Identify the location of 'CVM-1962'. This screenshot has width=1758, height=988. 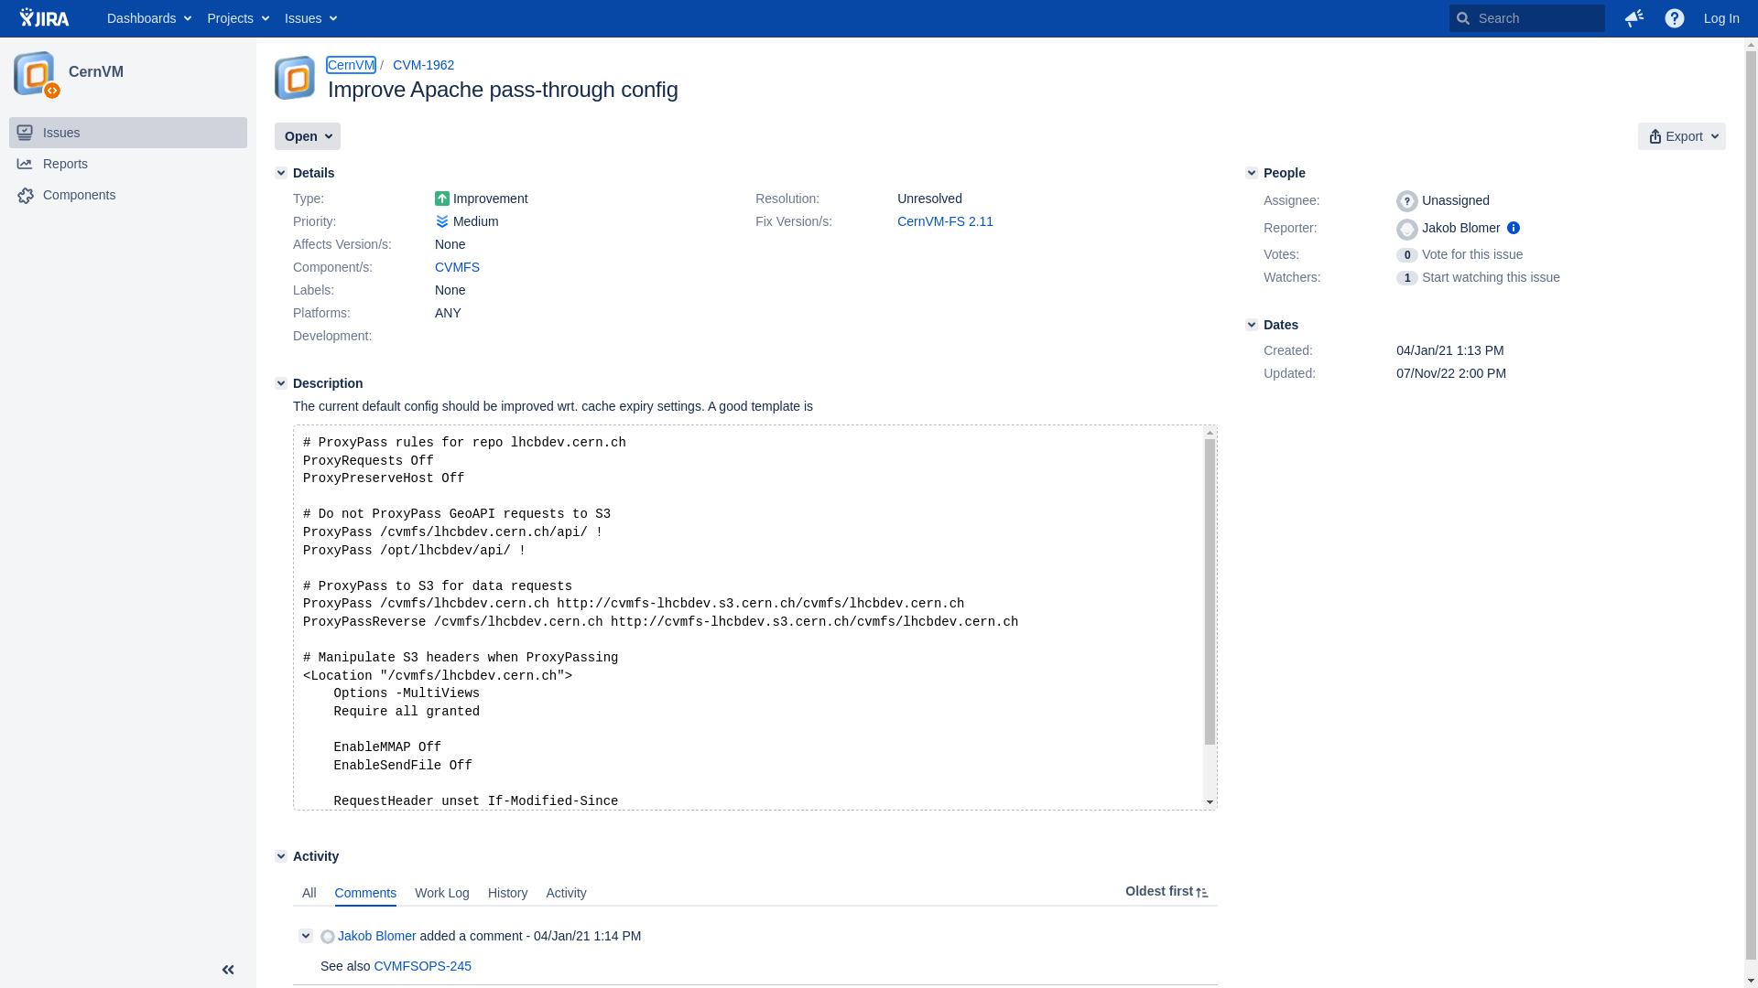
(391, 63).